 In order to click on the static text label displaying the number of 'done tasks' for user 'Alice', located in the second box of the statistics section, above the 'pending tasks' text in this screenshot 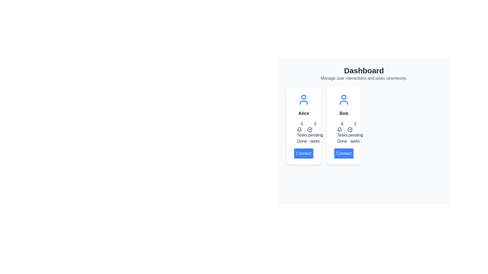, I will do `click(315, 124)`.